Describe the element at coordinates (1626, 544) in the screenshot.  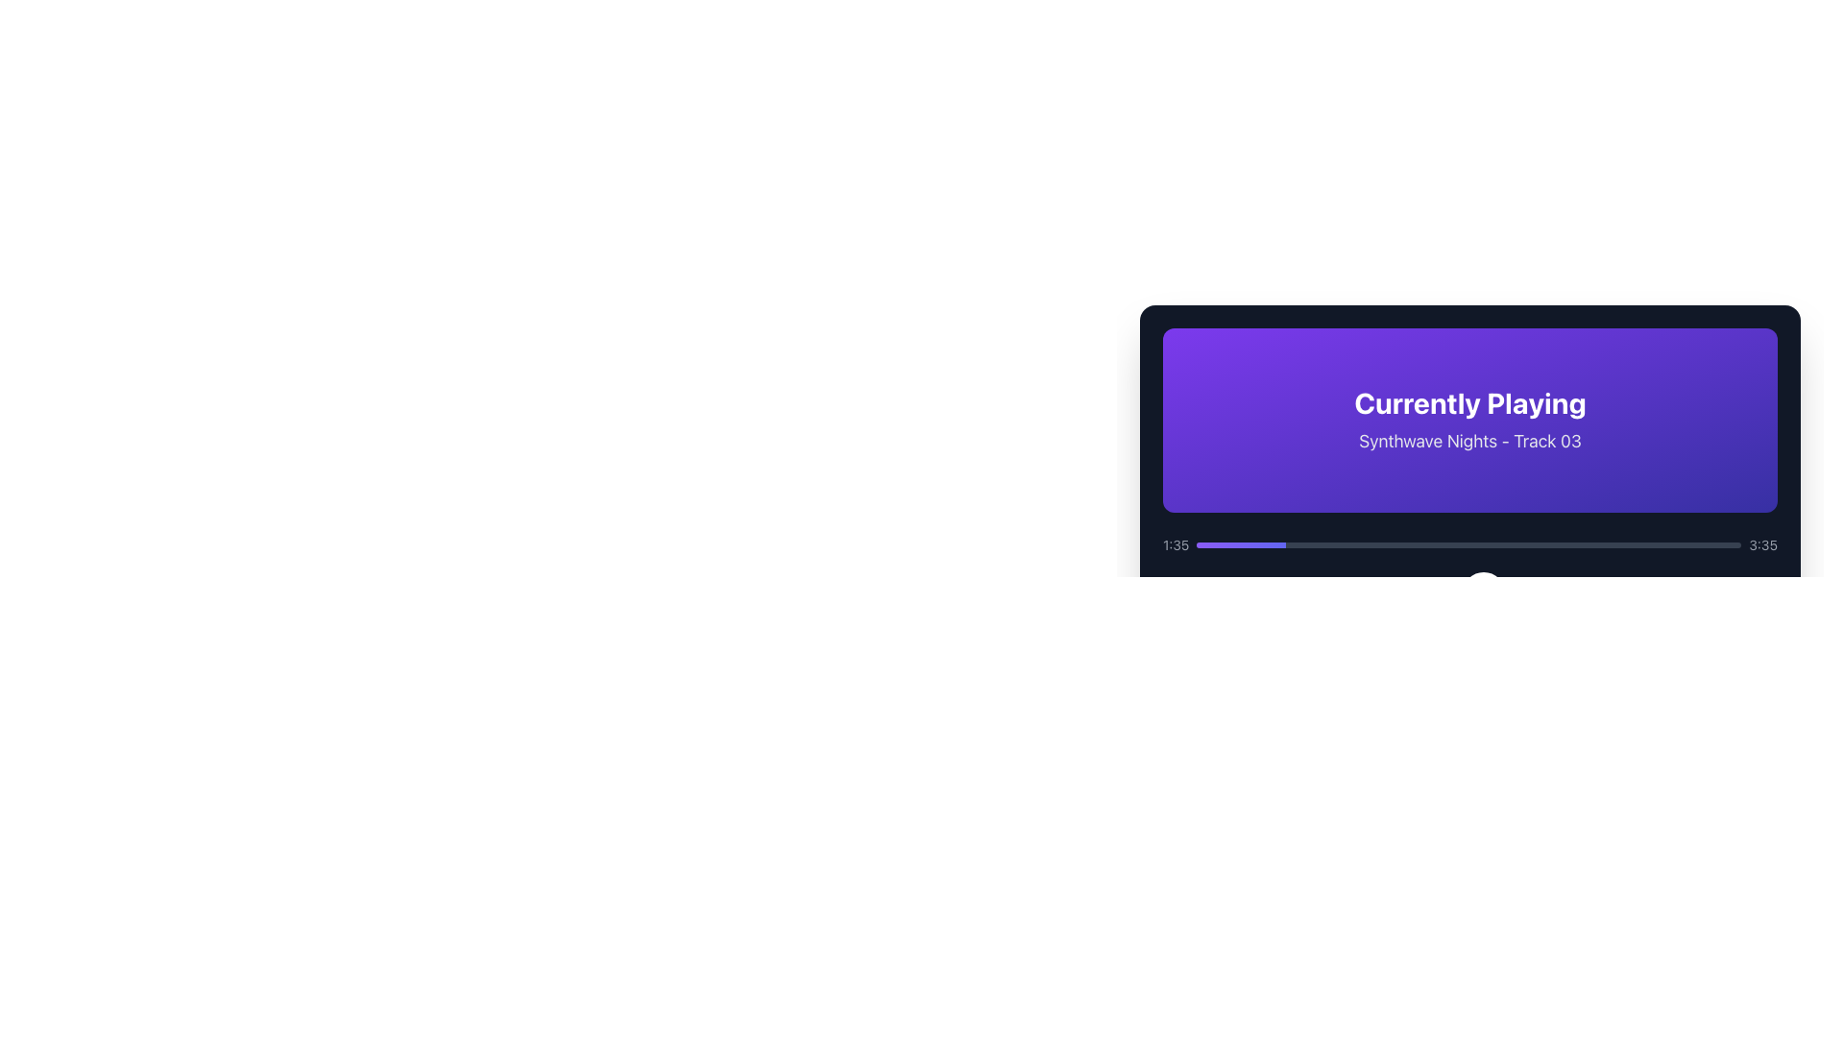
I see `the playback progress` at that location.